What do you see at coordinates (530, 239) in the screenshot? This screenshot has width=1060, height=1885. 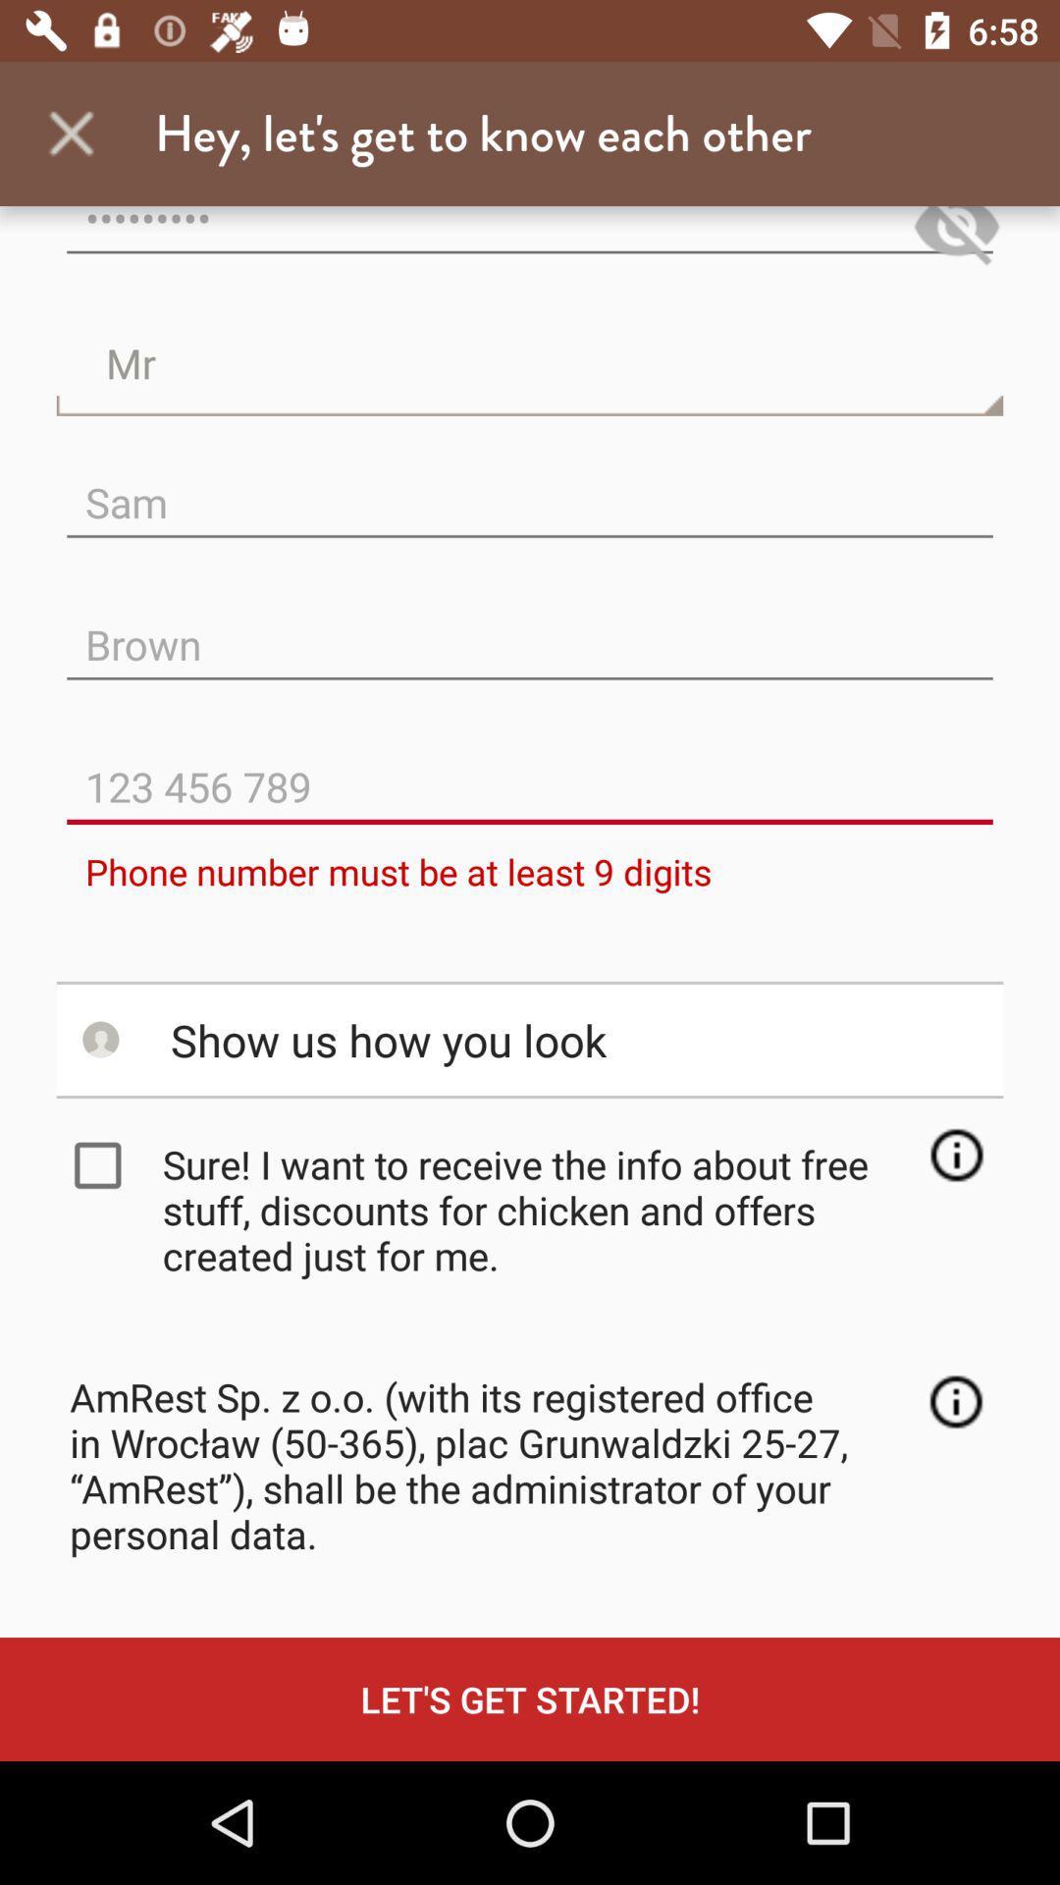 I see `the crowd3116 icon` at bounding box center [530, 239].